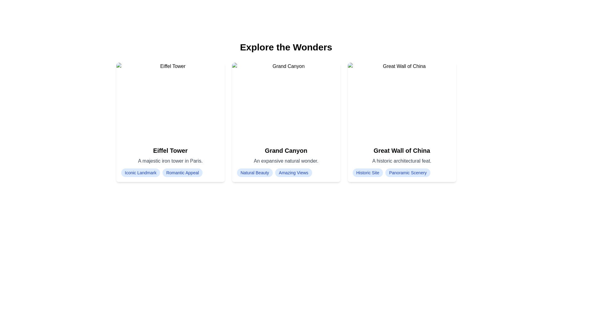  I want to click on the third button in the bottom-right corner of the 'Great Wall of China' section, so click(445, 171).